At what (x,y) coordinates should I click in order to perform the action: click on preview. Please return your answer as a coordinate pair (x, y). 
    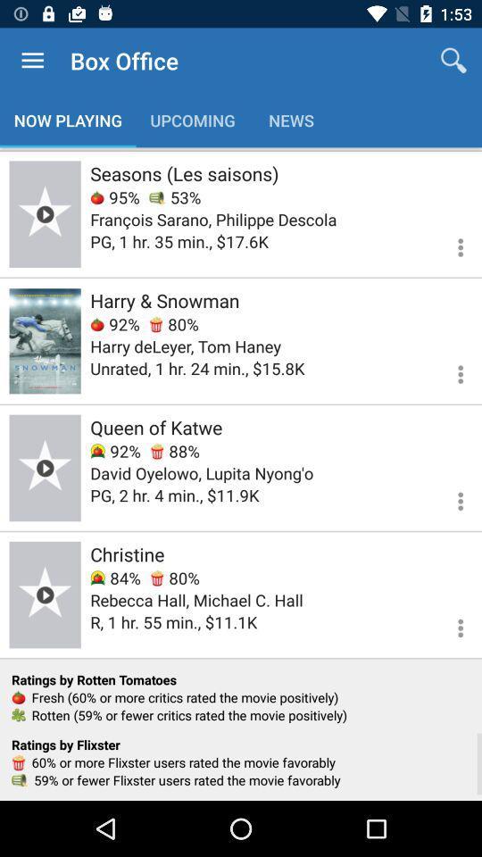
    Looking at the image, I should click on (45, 595).